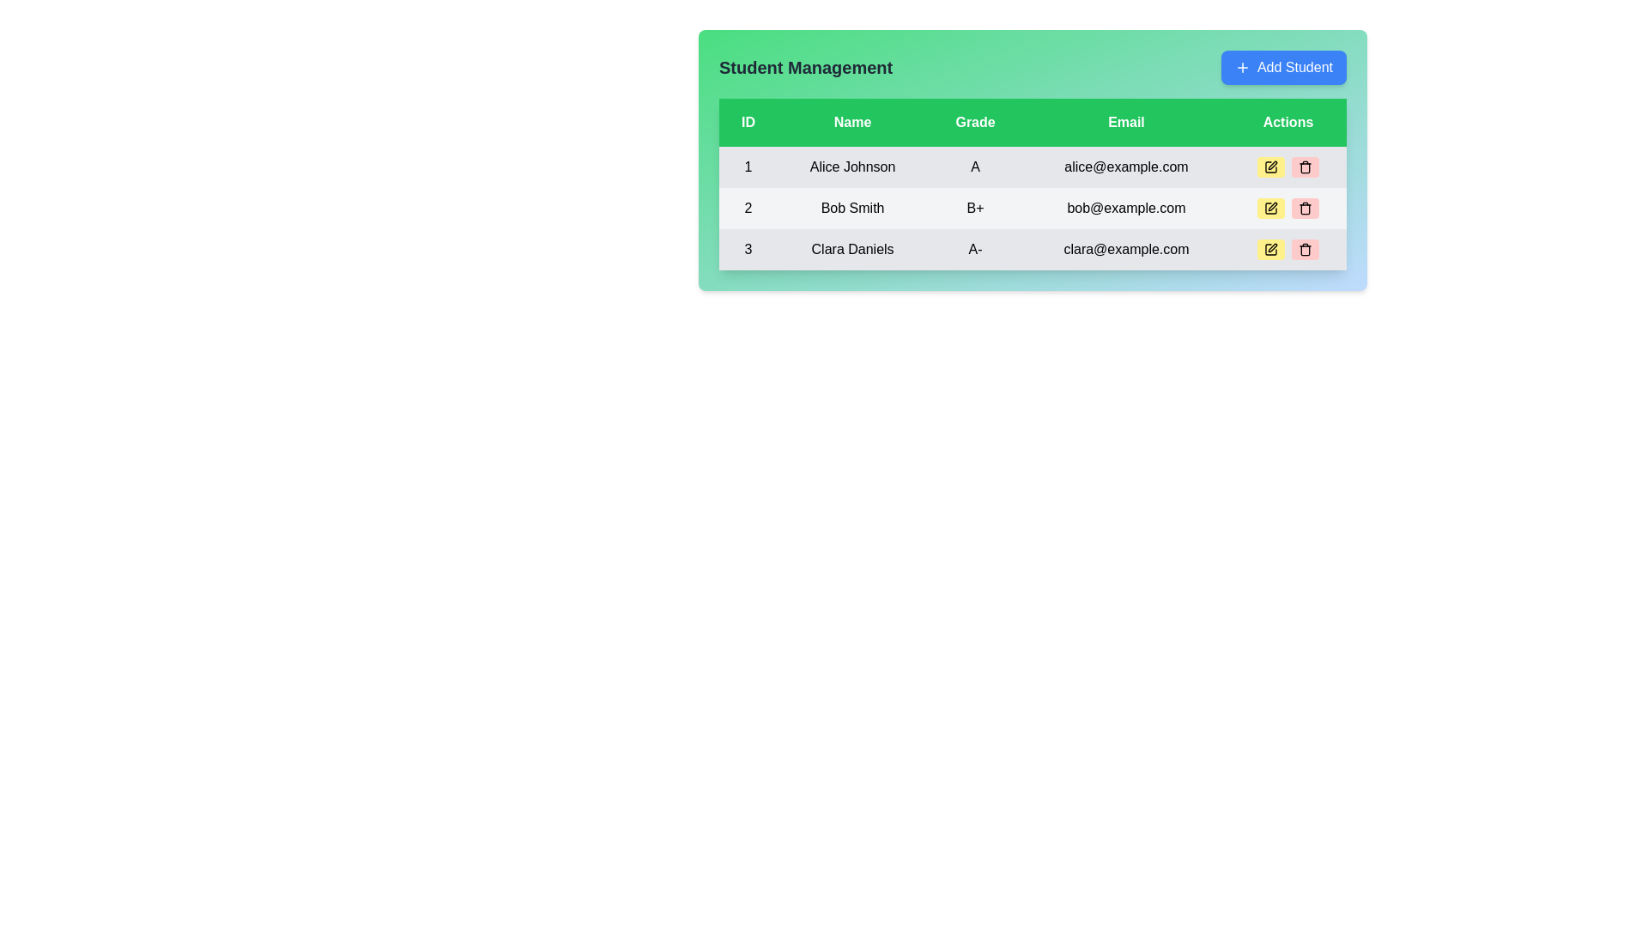 Image resolution: width=1648 pixels, height=927 pixels. Describe the element at coordinates (1273, 248) in the screenshot. I see `the edit icon located in the 'Actions' column of the third row in the table for 'Clara Daniels'` at that location.